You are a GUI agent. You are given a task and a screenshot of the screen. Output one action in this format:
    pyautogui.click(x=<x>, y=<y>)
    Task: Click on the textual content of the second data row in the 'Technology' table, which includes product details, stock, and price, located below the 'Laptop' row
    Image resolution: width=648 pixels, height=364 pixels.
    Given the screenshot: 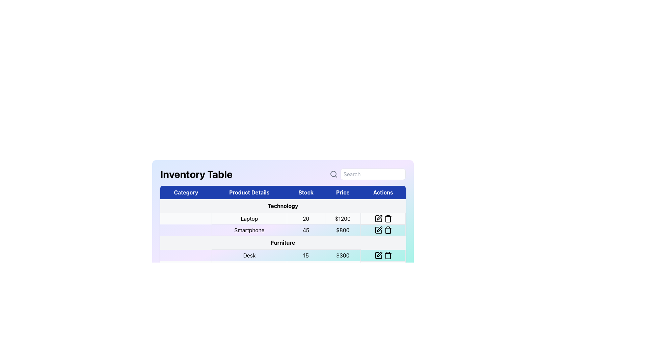 What is the action you would take?
    pyautogui.click(x=283, y=230)
    